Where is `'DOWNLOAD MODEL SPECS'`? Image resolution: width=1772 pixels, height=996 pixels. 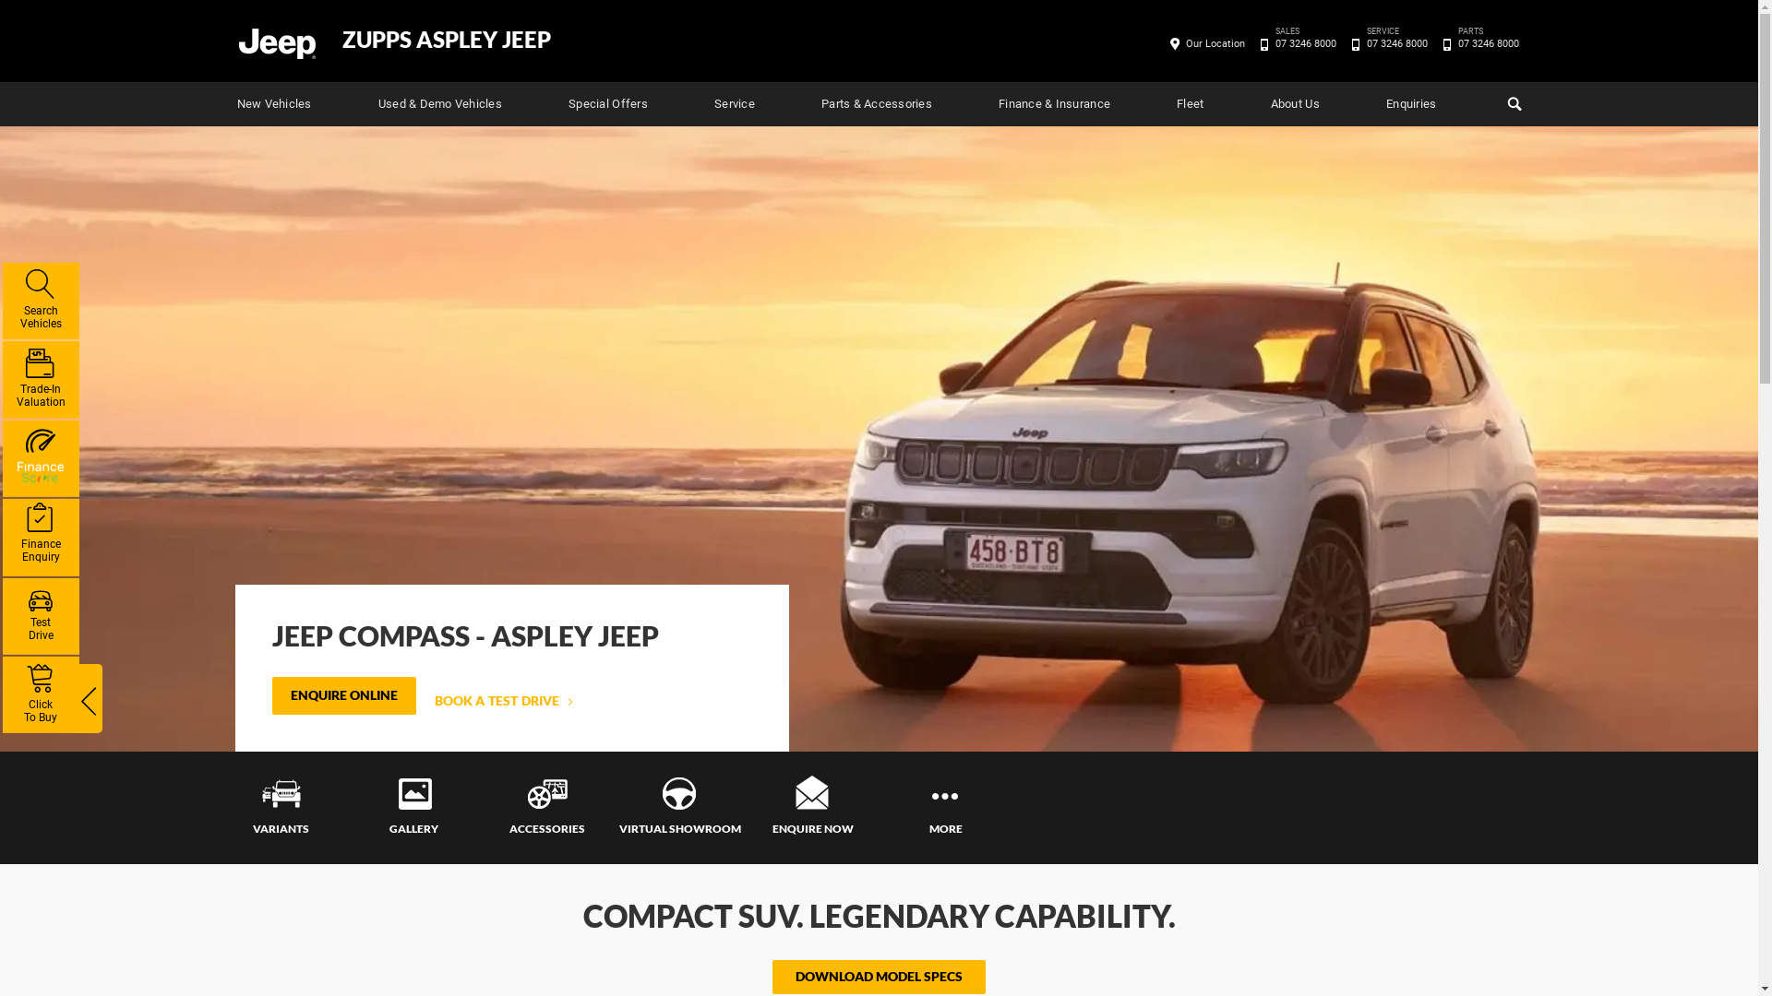 'DOWNLOAD MODEL SPECS' is located at coordinates (878, 976).